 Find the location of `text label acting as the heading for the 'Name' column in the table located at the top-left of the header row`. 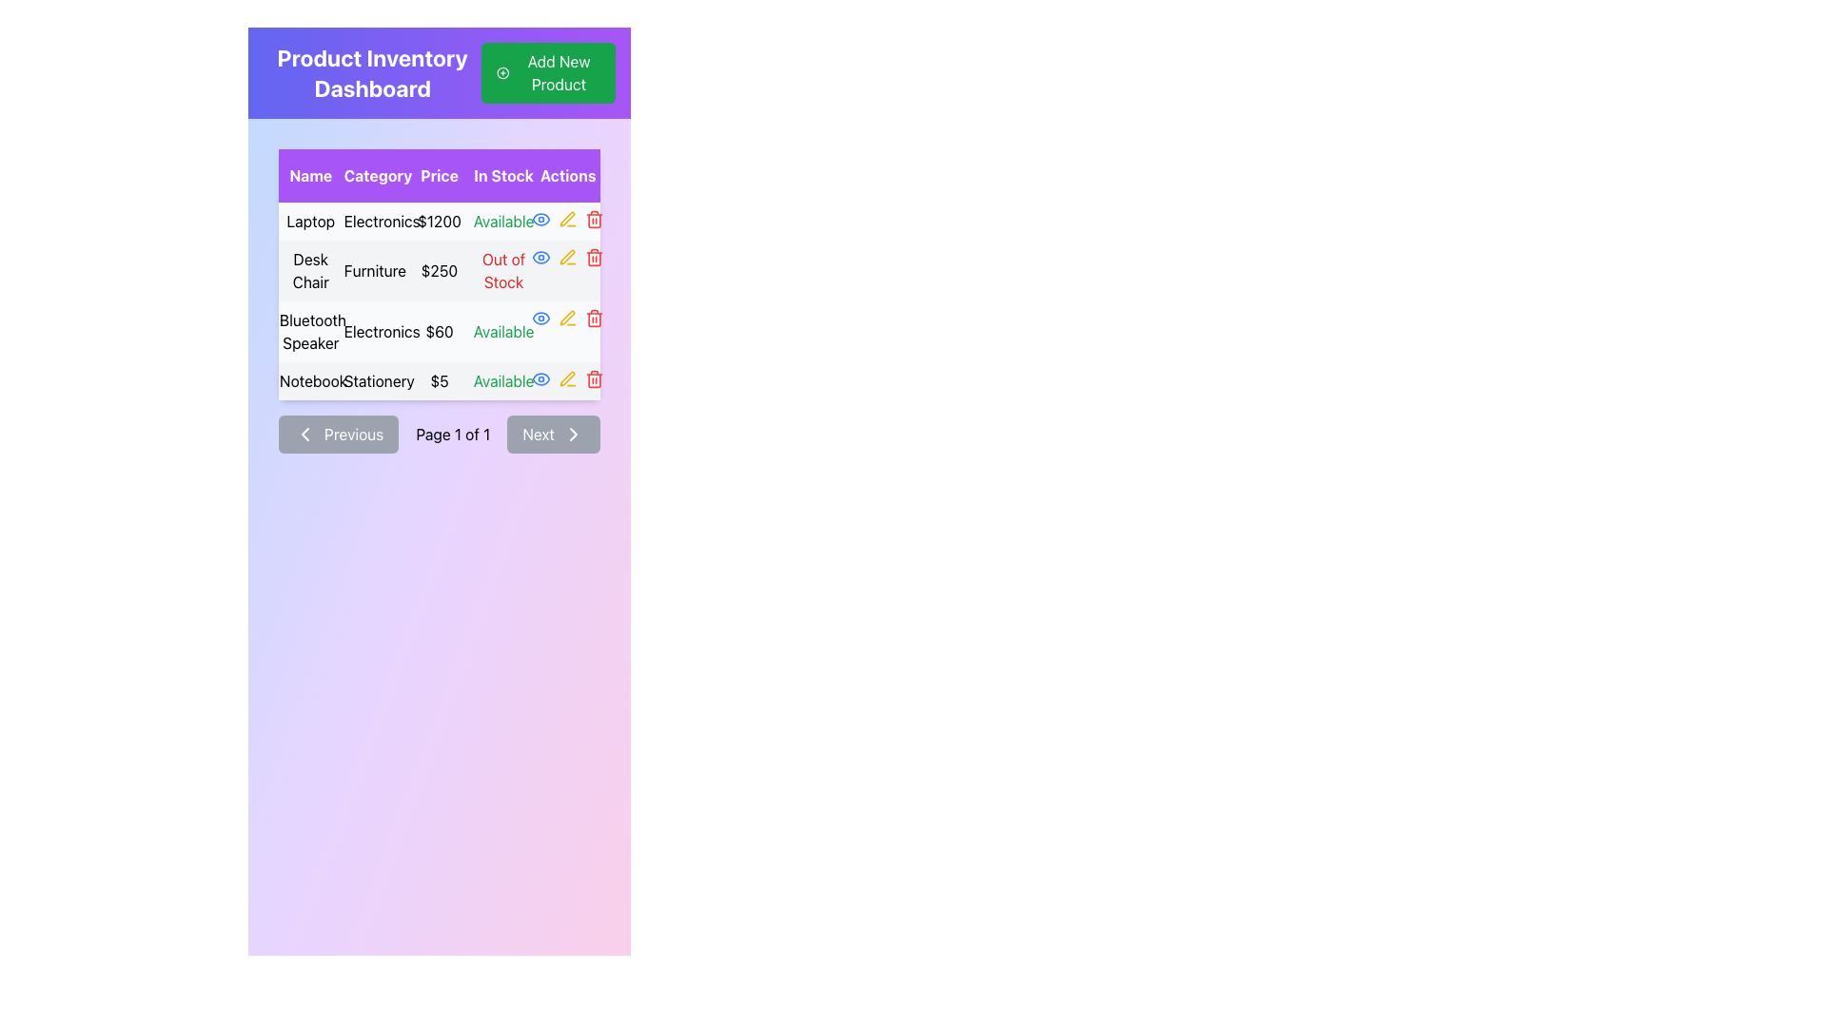

text label acting as the heading for the 'Name' column in the table located at the top-left of the header row is located at coordinates (310, 176).